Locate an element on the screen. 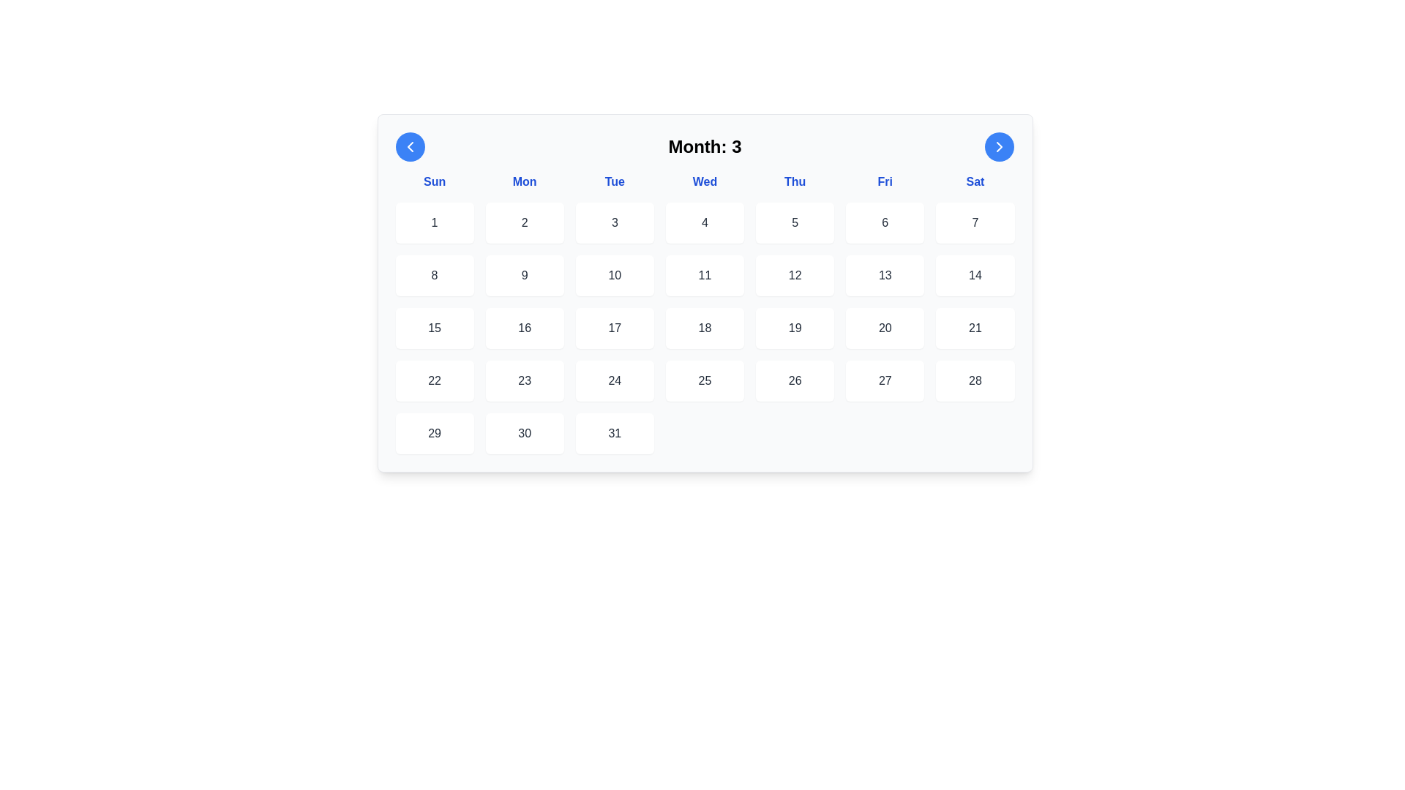 Image resolution: width=1405 pixels, height=790 pixels. the selectable button for the second day of the month in the calendar view, which is the second button in the first row of the grid layout is located at coordinates (525, 222).